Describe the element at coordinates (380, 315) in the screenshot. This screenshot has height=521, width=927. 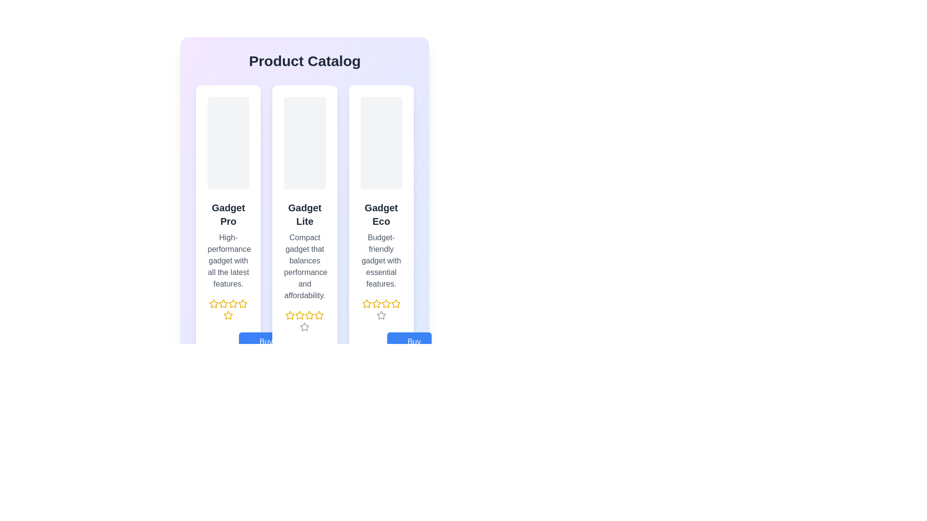
I see `the fifth rating star in the row of five stars at the bottom of the 'Gadget Eco' product card` at that location.